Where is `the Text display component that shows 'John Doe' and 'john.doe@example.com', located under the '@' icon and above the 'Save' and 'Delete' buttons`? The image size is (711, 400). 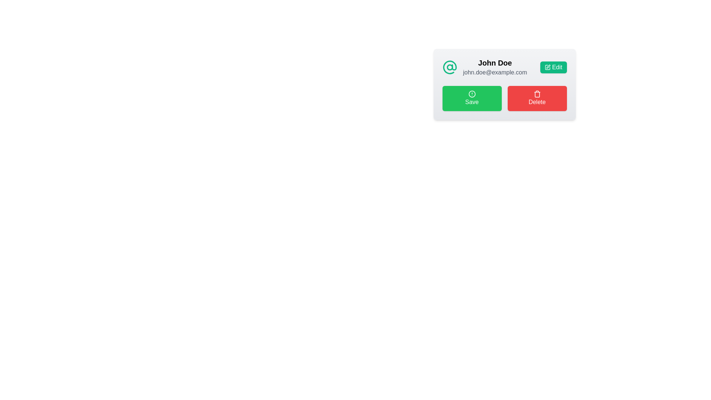
the Text display component that shows 'John Doe' and 'john.doe@example.com', located under the '@' icon and above the 'Save' and 'Delete' buttons is located at coordinates (495, 67).